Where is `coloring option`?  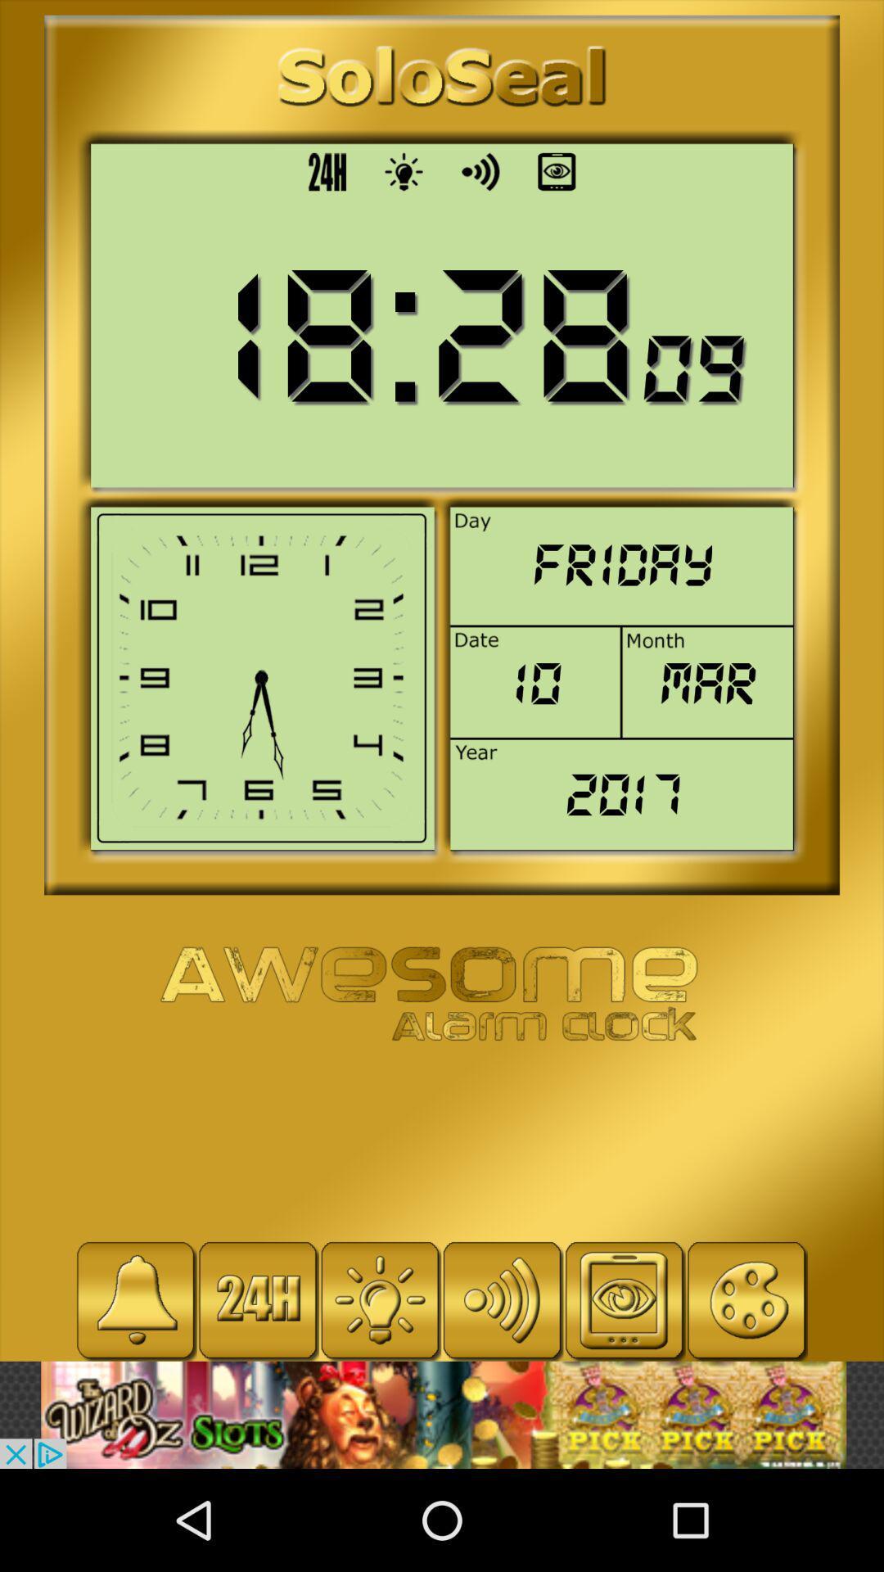
coloring option is located at coordinates (746, 1299).